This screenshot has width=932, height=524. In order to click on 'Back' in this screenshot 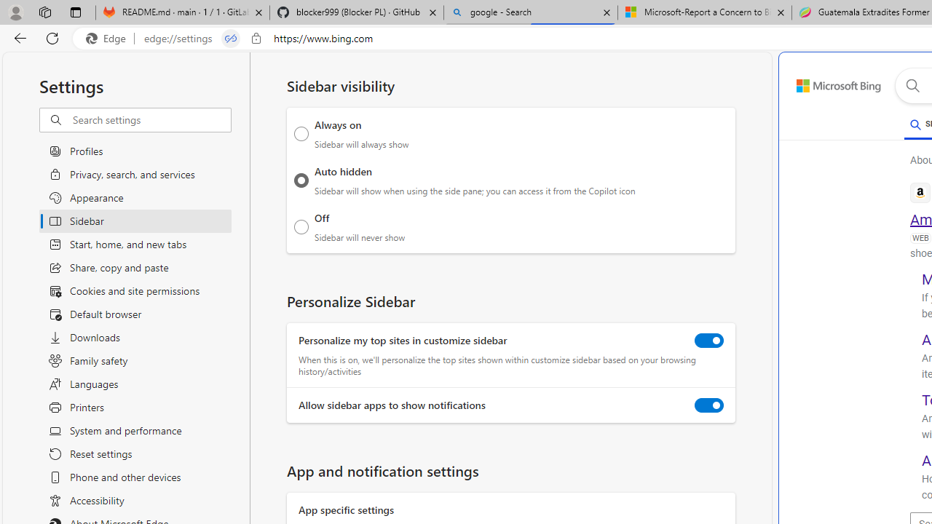, I will do `click(17, 37)`.